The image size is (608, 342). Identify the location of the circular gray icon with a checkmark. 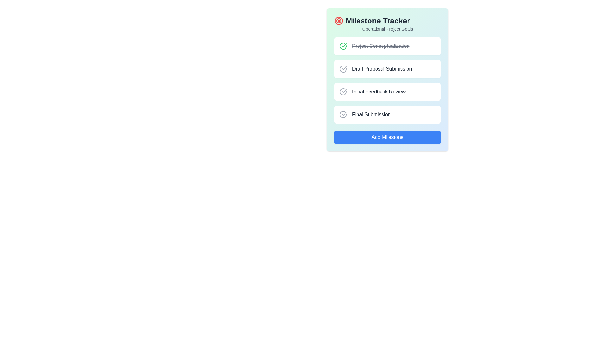
(343, 92).